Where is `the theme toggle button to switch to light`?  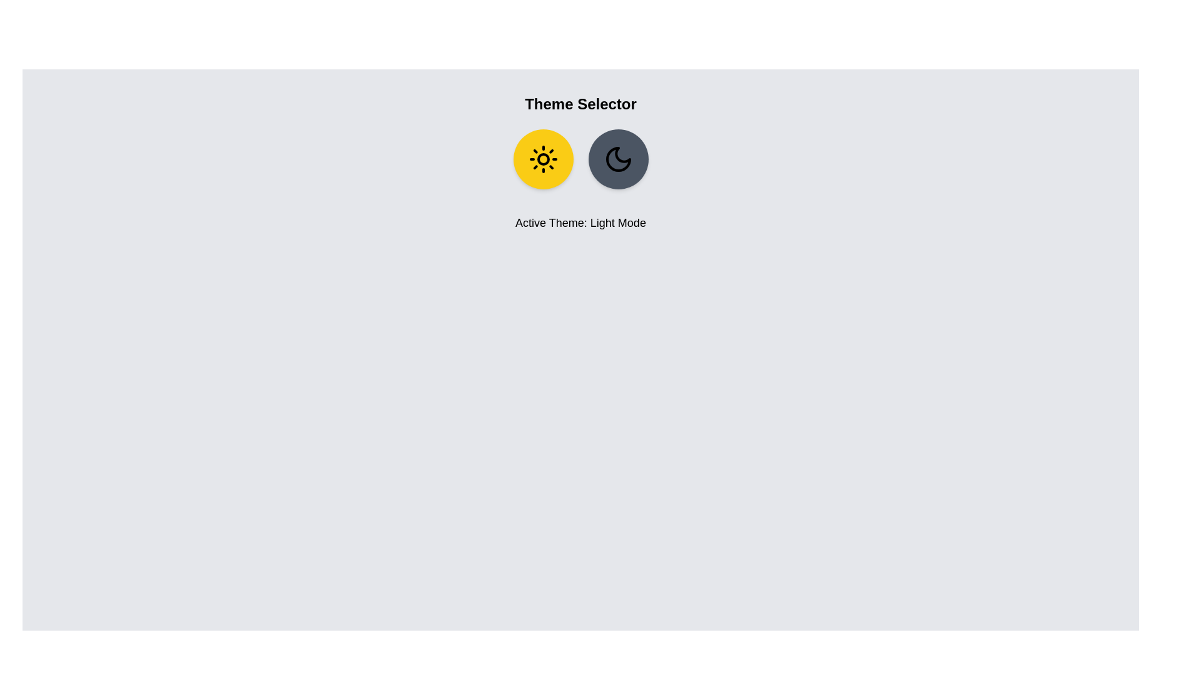 the theme toggle button to switch to light is located at coordinates (543, 158).